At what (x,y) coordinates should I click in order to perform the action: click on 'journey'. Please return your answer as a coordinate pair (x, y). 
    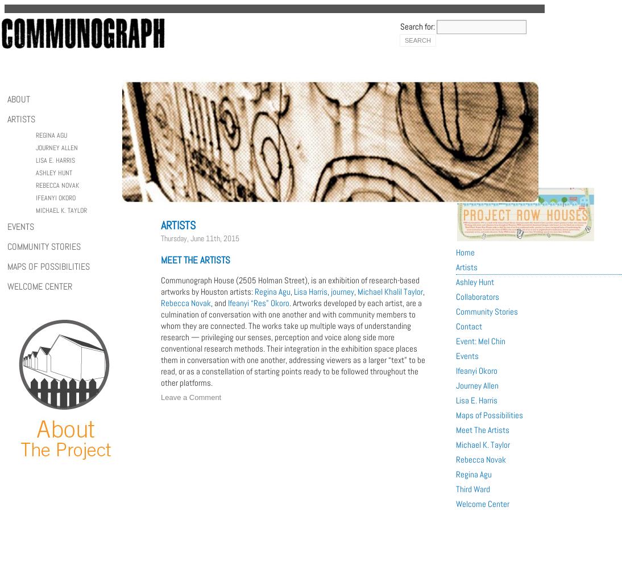
    Looking at the image, I should click on (342, 291).